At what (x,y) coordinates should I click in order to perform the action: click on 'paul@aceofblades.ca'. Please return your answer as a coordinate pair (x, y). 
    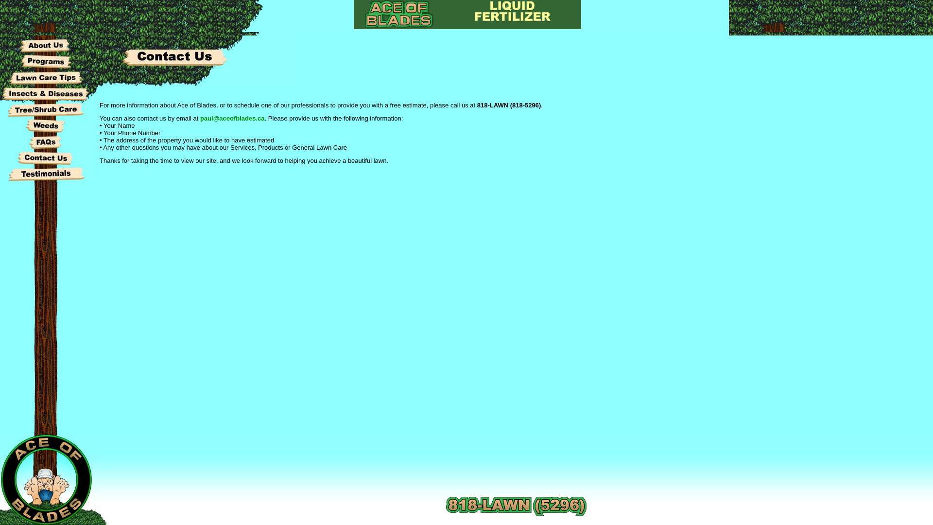
    Looking at the image, I should click on (200, 118).